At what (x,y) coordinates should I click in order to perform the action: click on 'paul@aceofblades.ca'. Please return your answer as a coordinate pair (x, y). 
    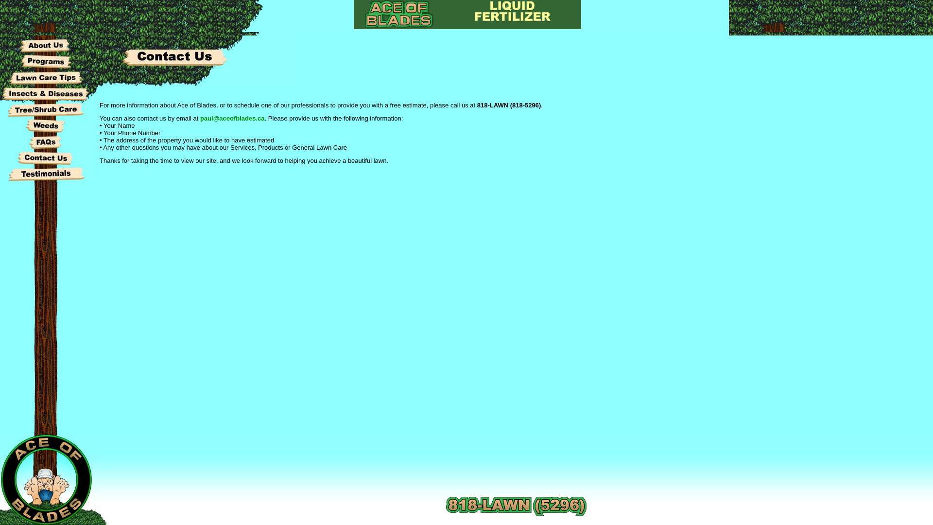
    Looking at the image, I should click on (200, 118).